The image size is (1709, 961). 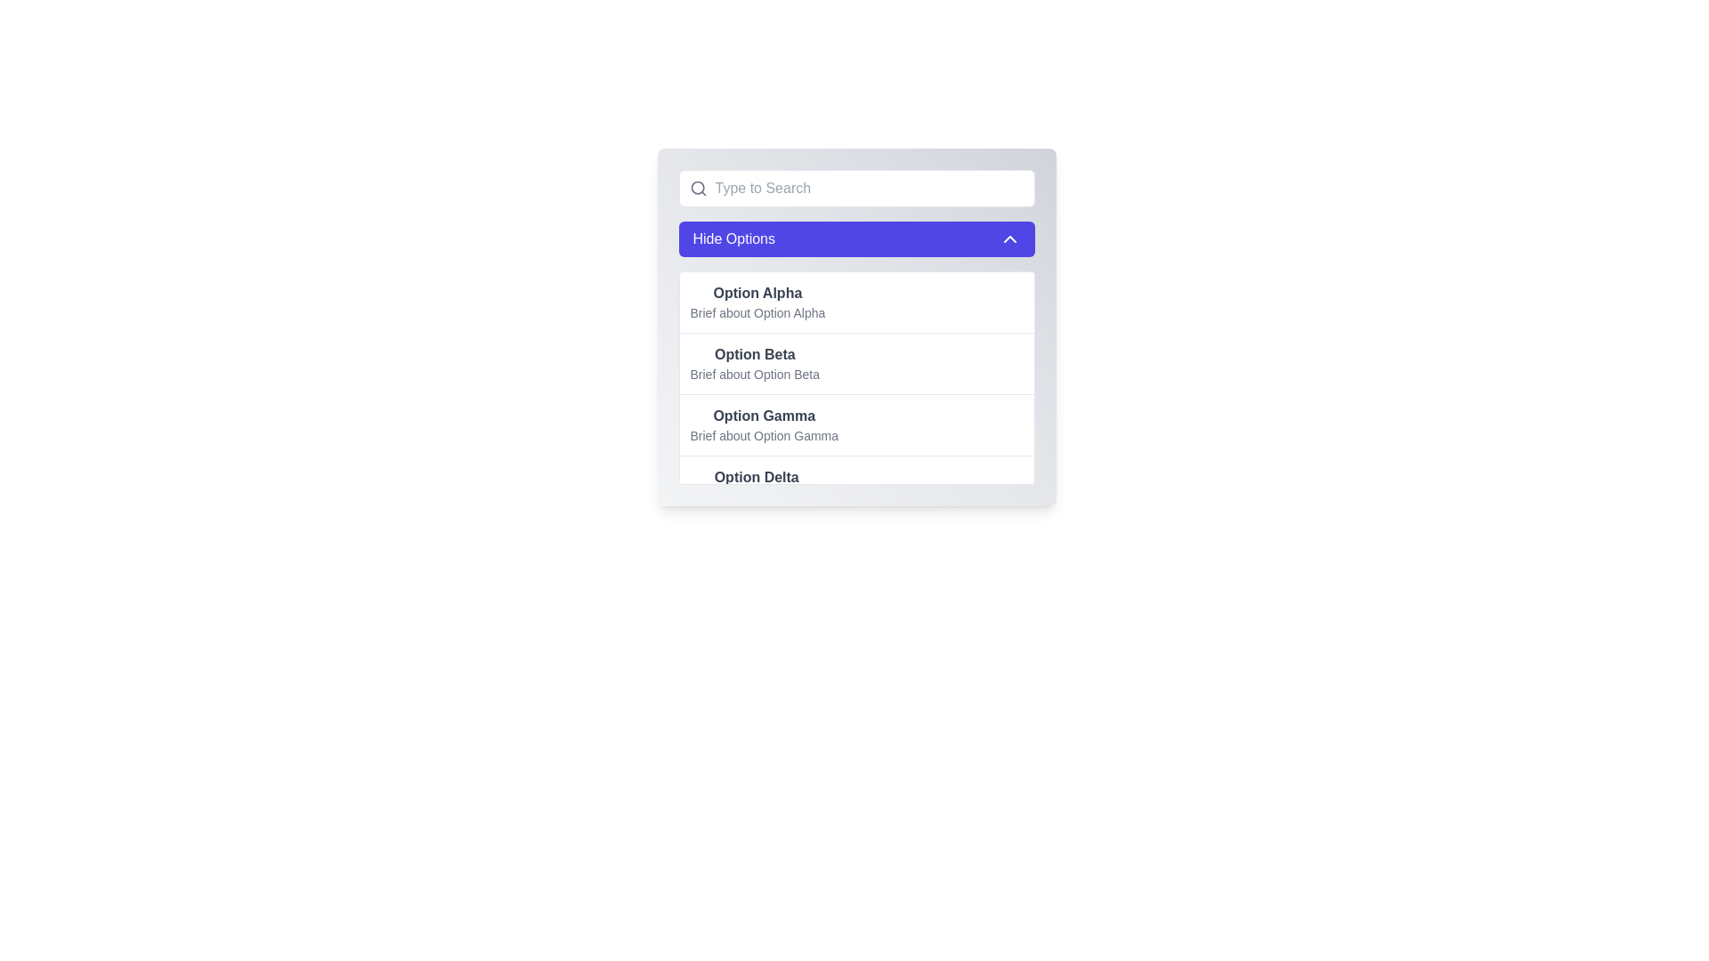 What do you see at coordinates (856, 486) in the screenshot?
I see `the last item in the dropdown menu` at bounding box center [856, 486].